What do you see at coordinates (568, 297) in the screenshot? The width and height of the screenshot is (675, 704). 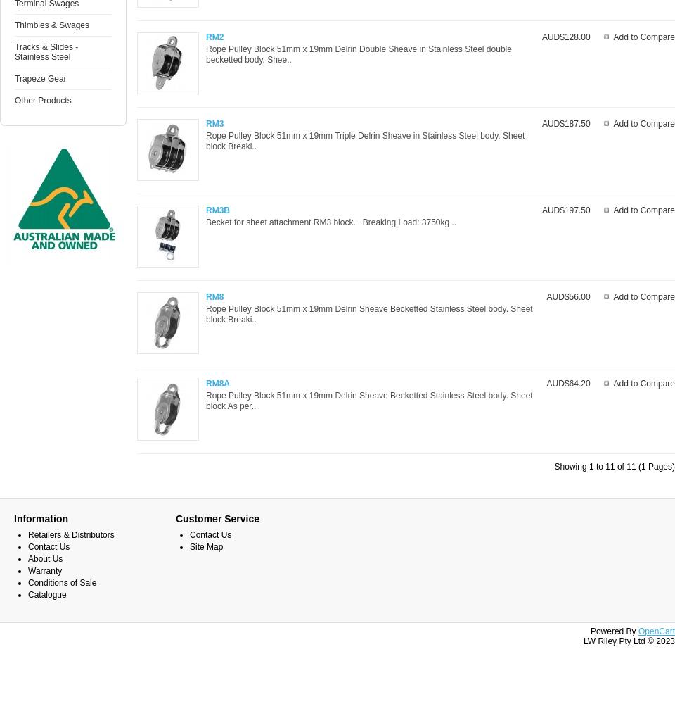 I see `'AUD$56.00'` at bounding box center [568, 297].